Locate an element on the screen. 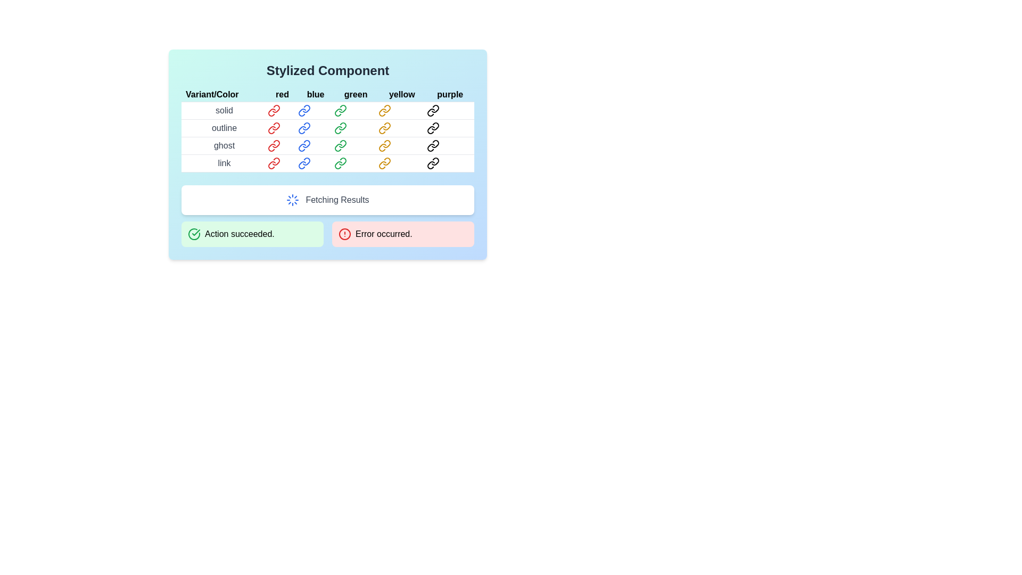 This screenshot has height=575, width=1022. the text label displaying 'green' in lowercase, which is part of a horizontal sequence of color variants with a light blue background and black font is located at coordinates (356, 94).